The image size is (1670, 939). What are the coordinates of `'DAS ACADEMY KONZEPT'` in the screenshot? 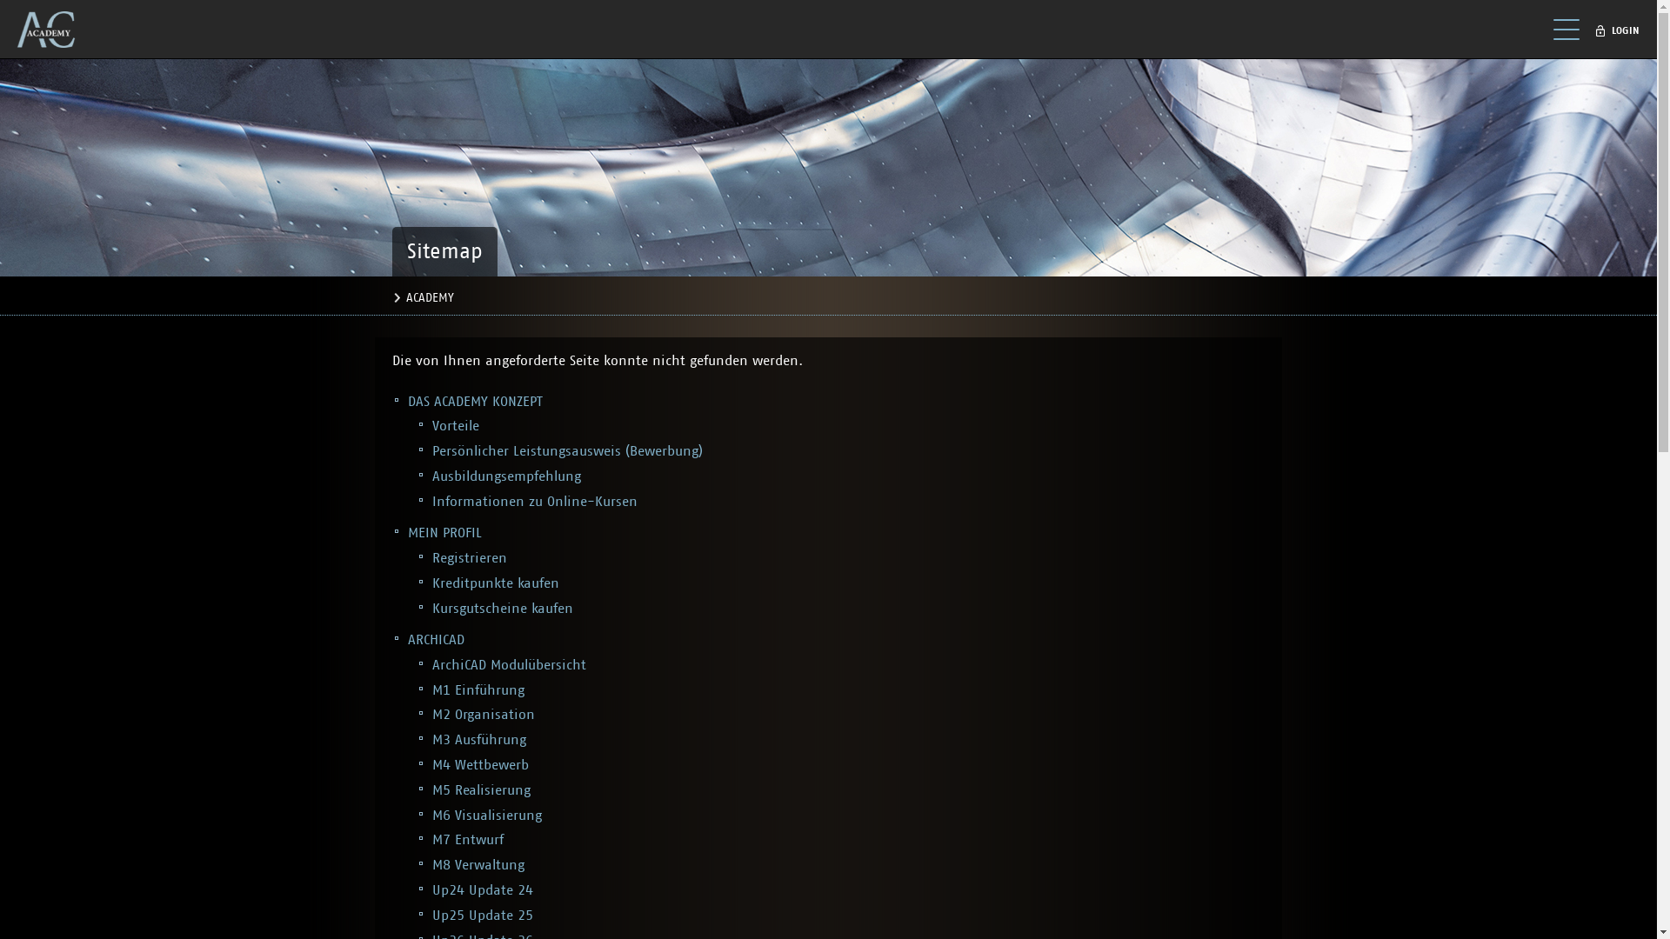 It's located at (407, 402).